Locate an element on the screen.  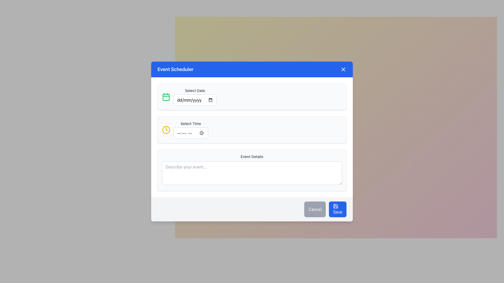
the 'Event Scheduler' title text label located in the blue header bar of the modal dialog is located at coordinates (175, 69).